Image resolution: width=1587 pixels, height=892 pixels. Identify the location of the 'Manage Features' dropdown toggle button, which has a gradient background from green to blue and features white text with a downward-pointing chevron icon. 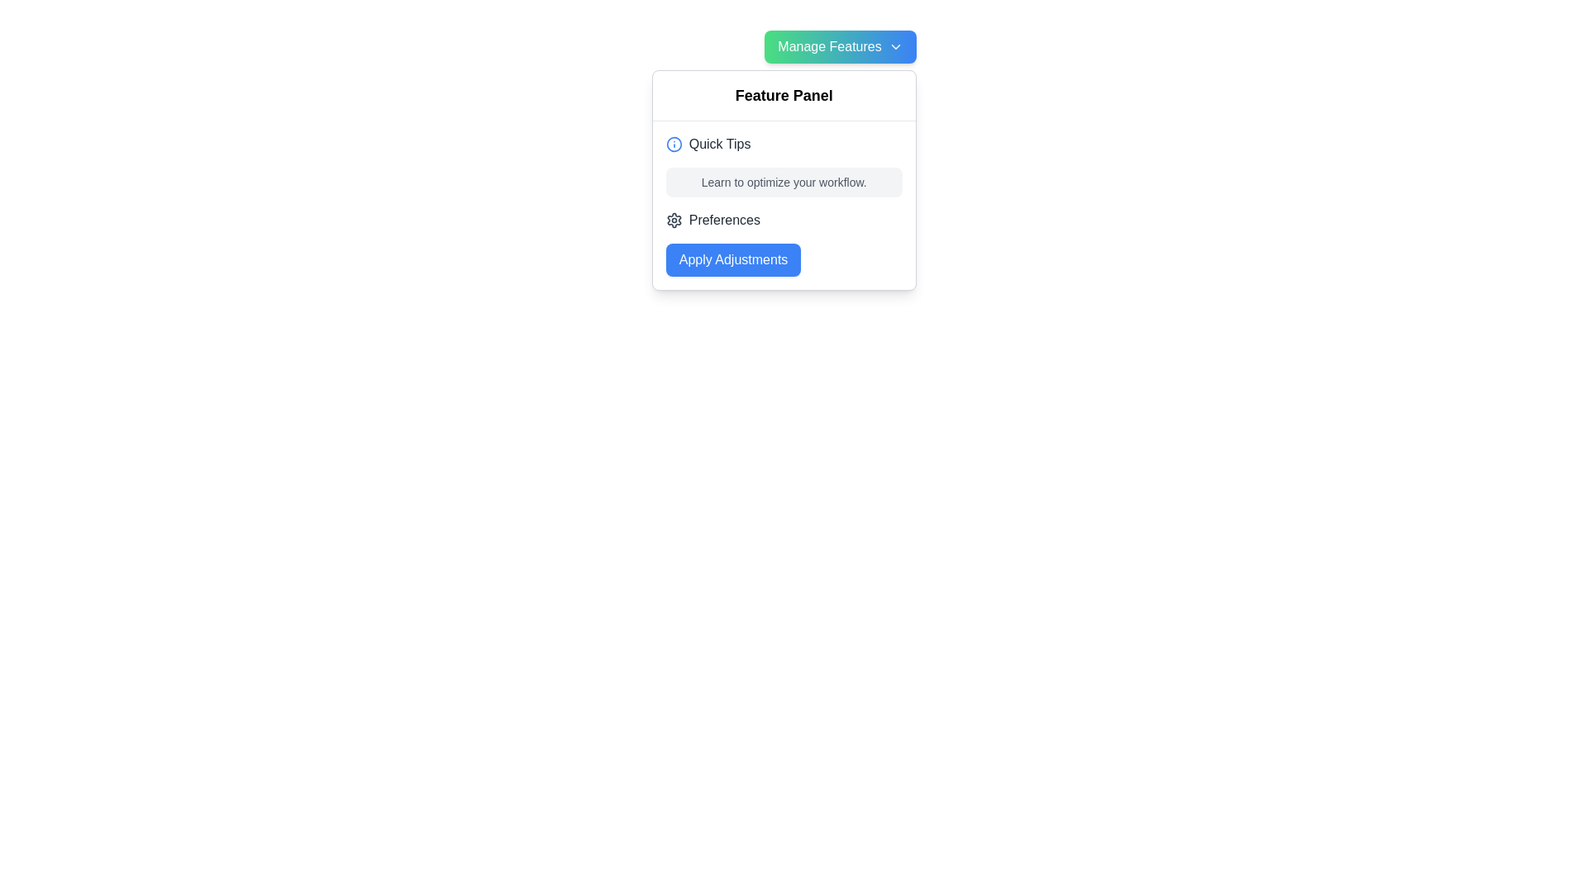
(841, 46).